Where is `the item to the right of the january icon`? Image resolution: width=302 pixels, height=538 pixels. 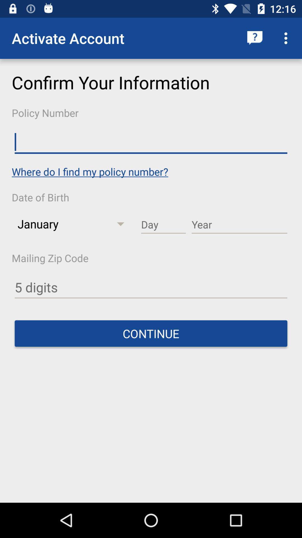
the item to the right of the january icon is located at coordinates (163, 225).